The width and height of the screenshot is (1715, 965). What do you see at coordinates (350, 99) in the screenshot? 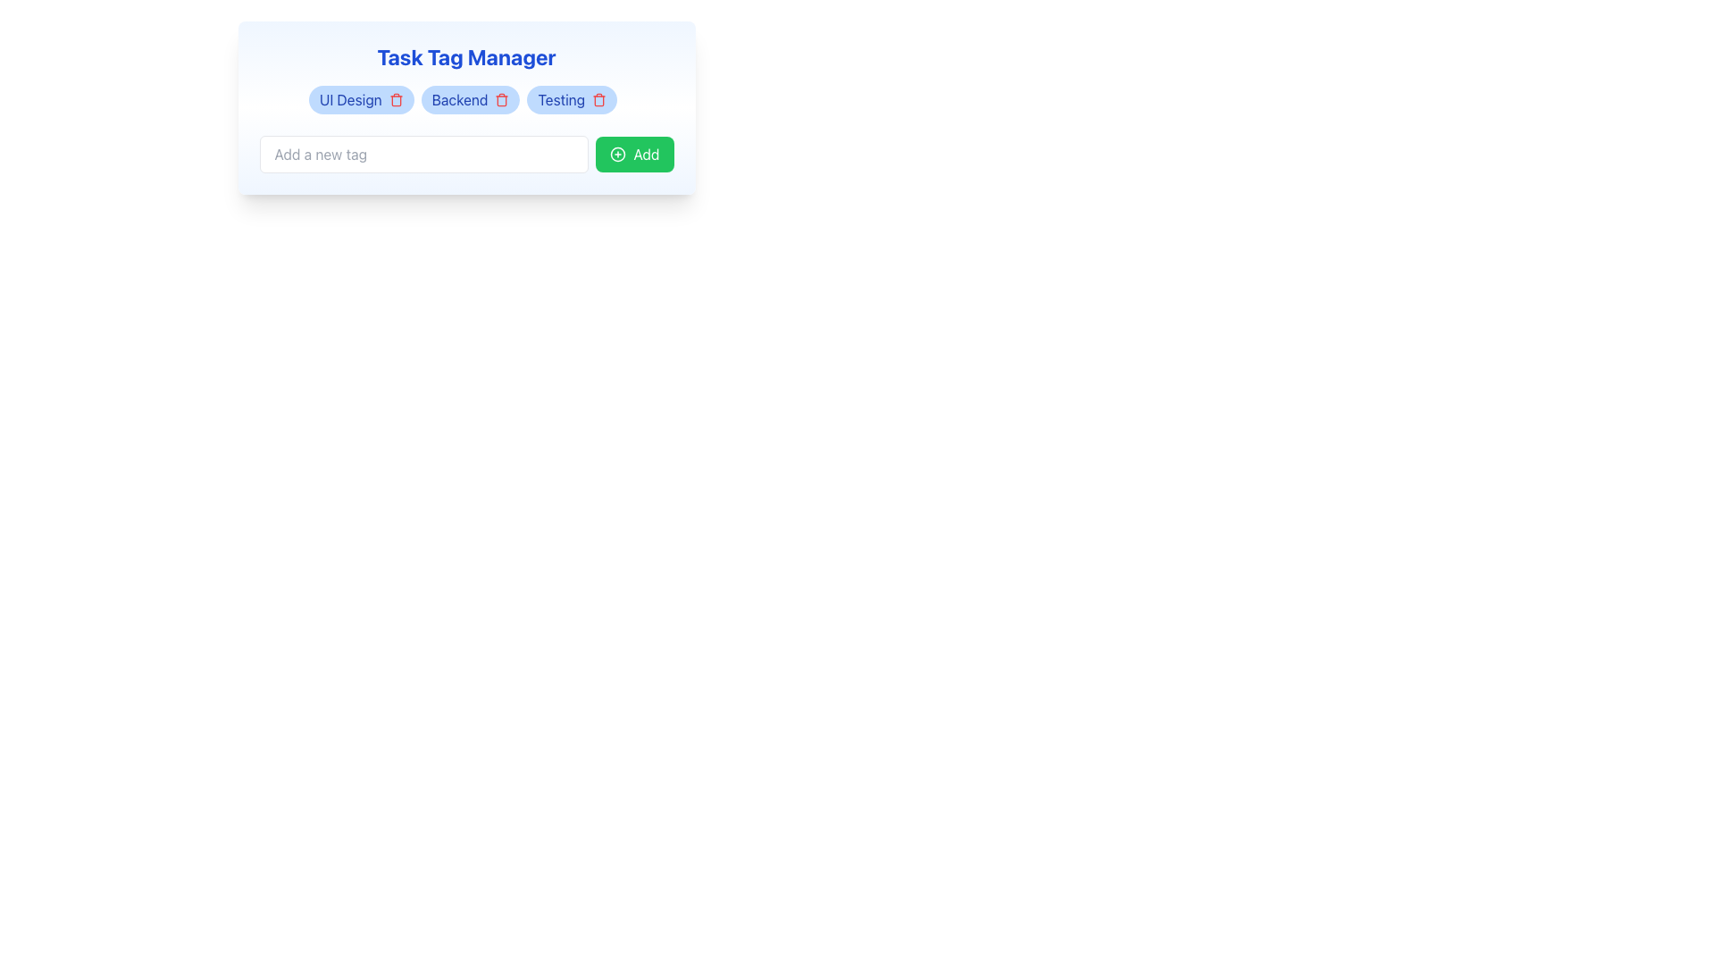
I see `the text label displaying 'UI Design' in a blue font, which is located beneath the heading 'Task Tag Manager' in the top left part of the visible tag section` at bounding box center [350, 99].